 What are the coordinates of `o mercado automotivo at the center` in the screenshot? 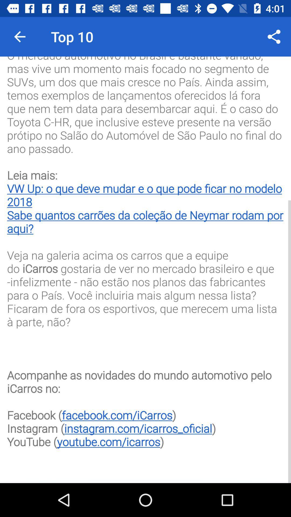 It's located at (145, 266).